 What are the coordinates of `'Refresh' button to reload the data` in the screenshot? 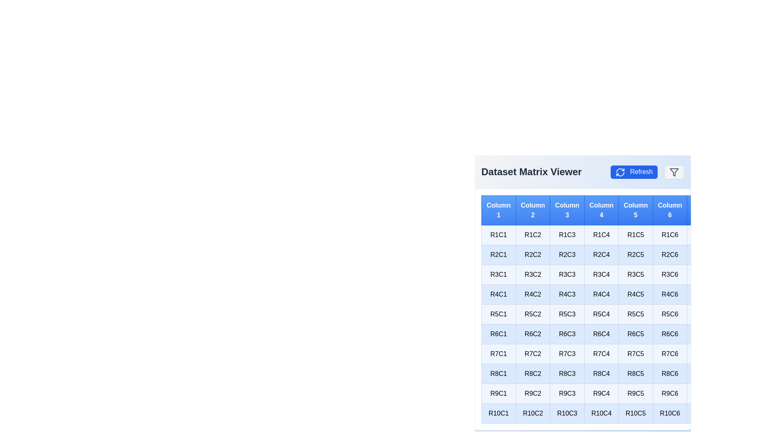 It's located at (633, 172).